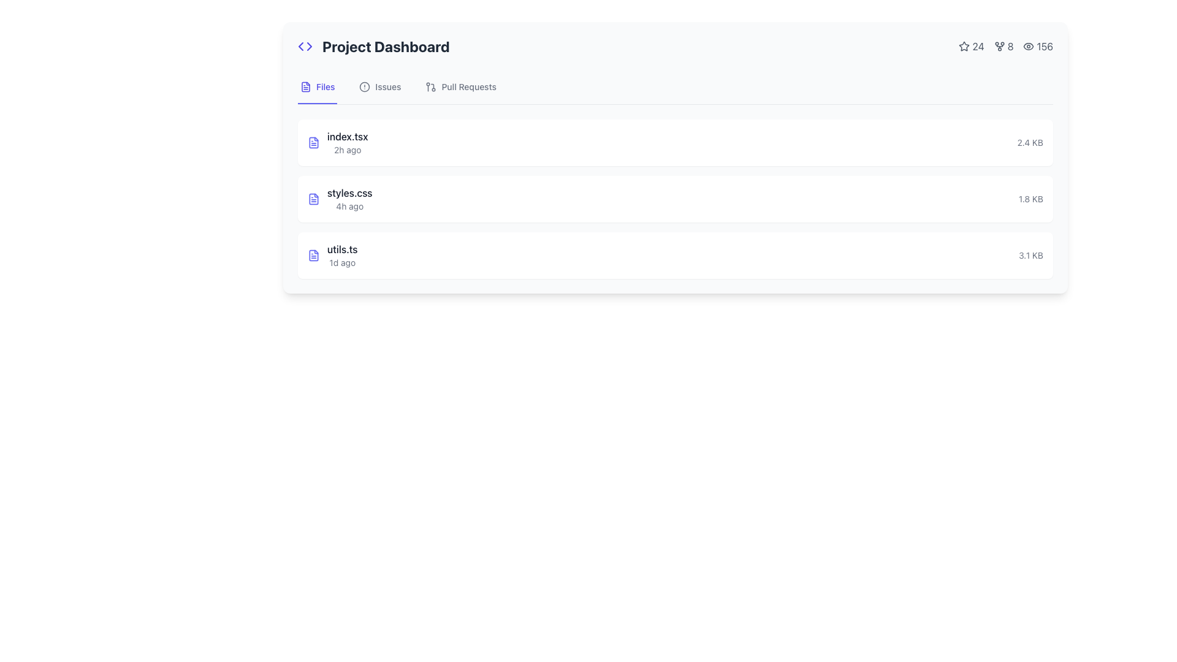 The width and height of the screenshot is (1177, 662). I want to click on the static badge displaying the number '8' in black text, positioned between a star-shaped icon with '24' and an eye-shaped icon with '156' in the Project Dashboard interface, so click(1004, 46).